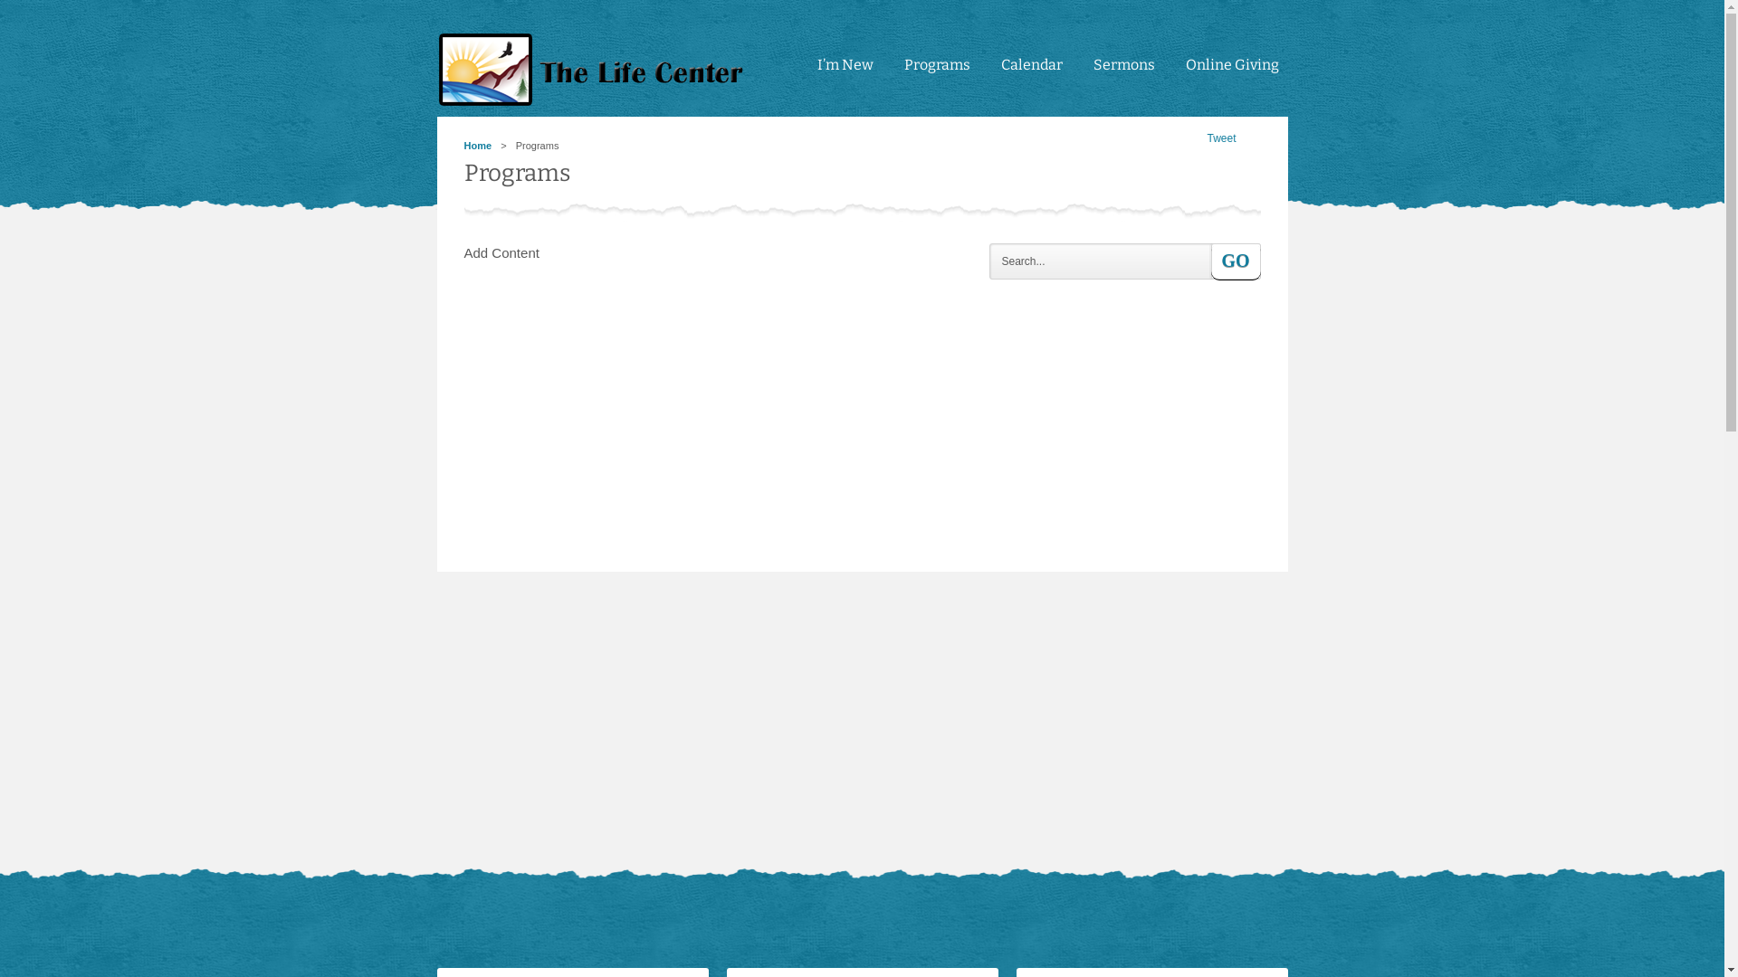 This screenshot has height=977, width=1738. Describe the element at coordinates (1231, 72) in the screenshot. I see `'Online Giving'` at that location.